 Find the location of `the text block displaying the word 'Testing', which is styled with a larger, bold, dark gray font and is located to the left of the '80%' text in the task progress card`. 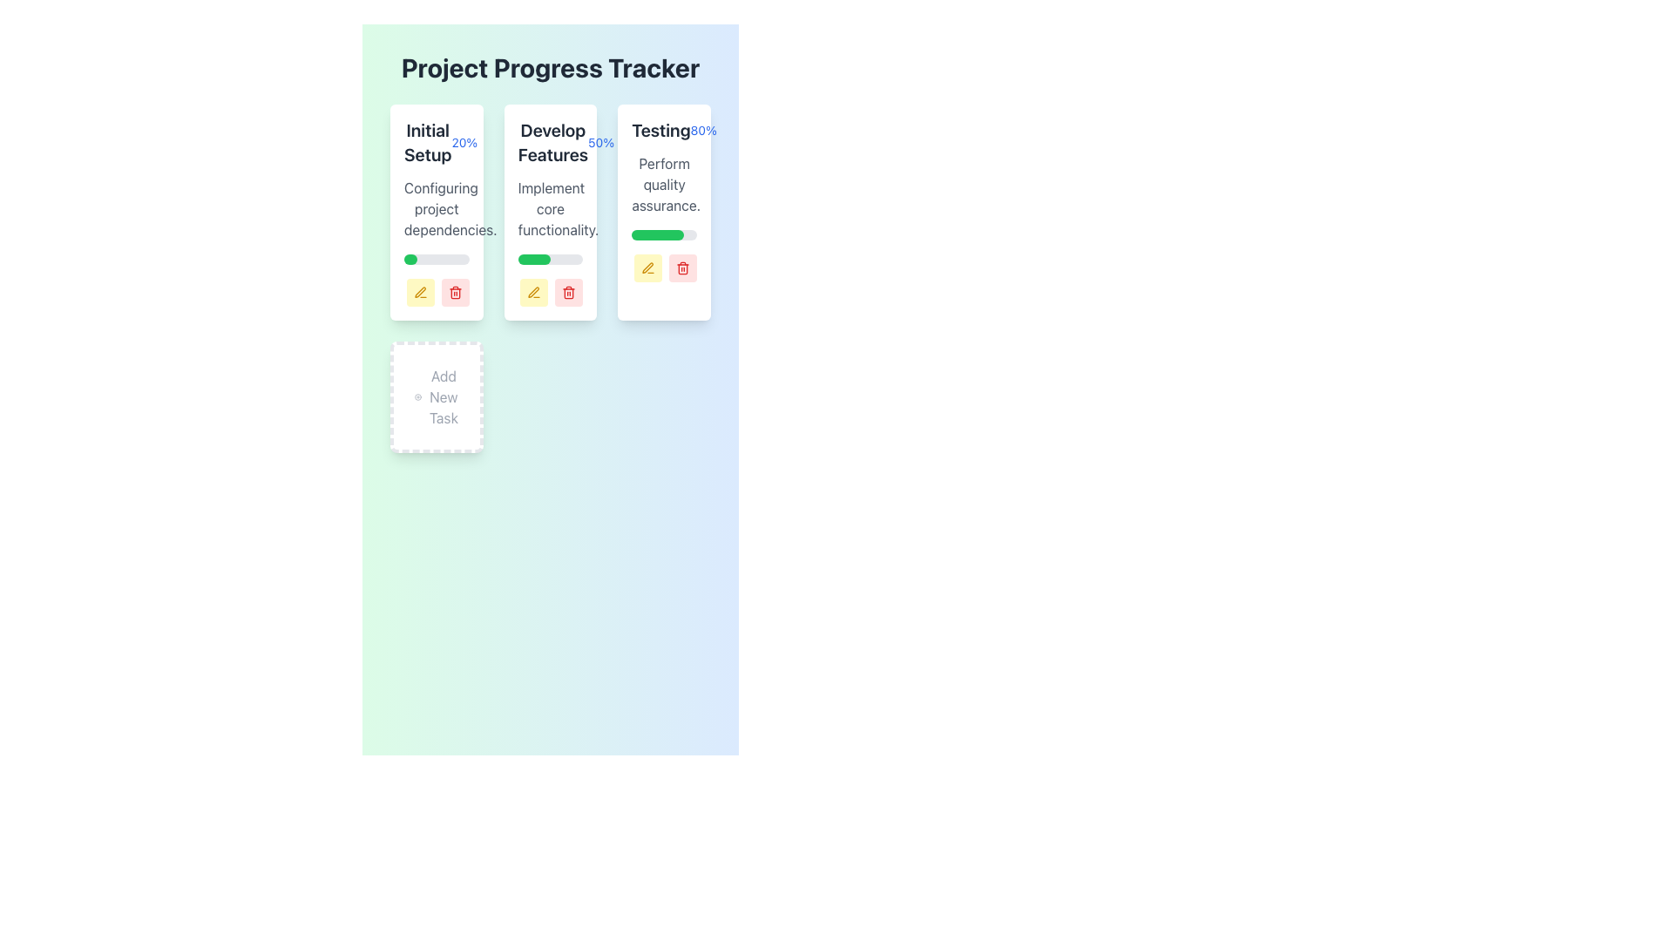

the text block displaying the word 'Testing', which is styled with a larger, bold, dark gray font and is located to the left of the '80%' text in the task progress card is located at coordinates (660, 130).